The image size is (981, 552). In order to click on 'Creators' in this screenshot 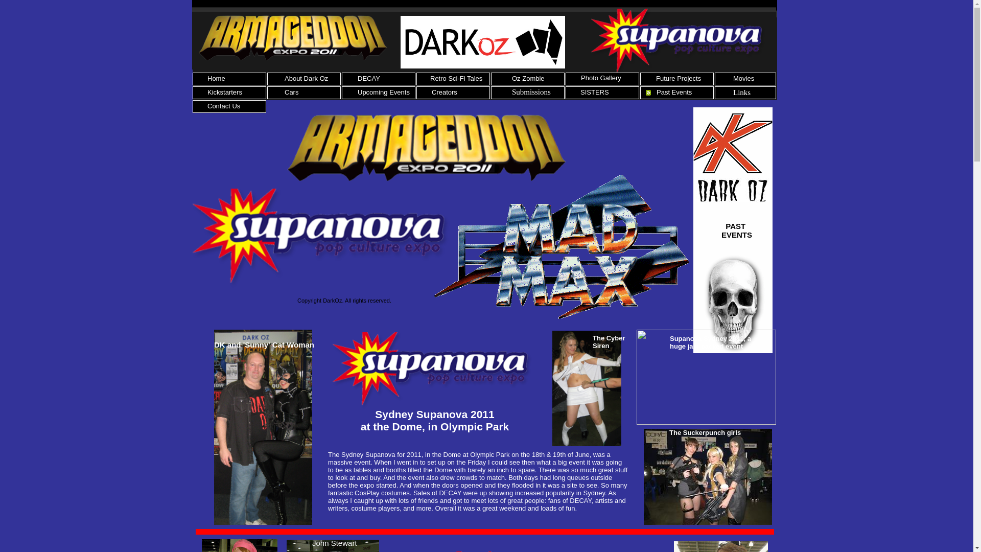, I will do `click(431, 92)`.